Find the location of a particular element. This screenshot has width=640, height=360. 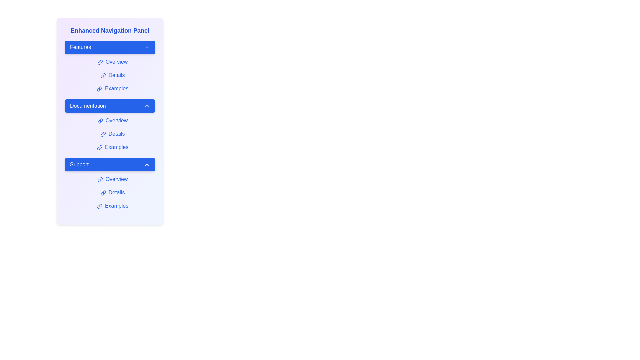

the icon represented as two interconnected chain links, styled with a light blue coloration, located to the left of the text 'Details' in the 'Documentation' section of the expandable navigation panel is located at coordinates (103, 134).